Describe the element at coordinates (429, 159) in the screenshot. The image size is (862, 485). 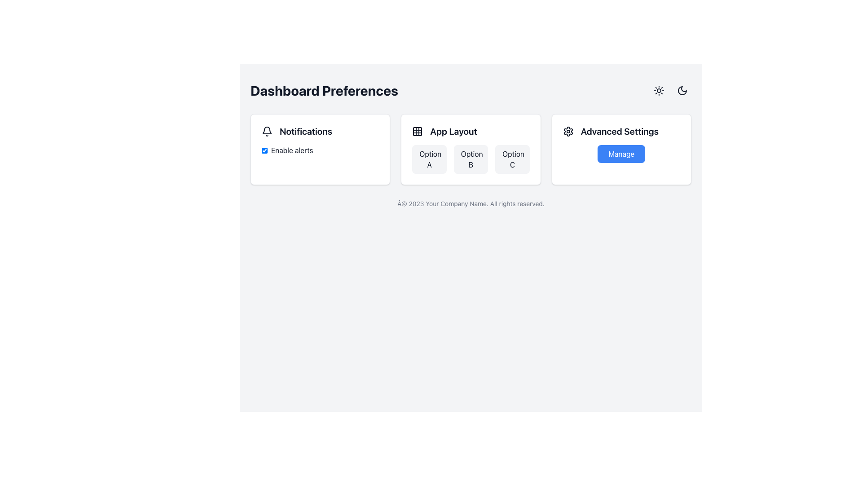
I see `the 'Option A' button, the first selectable option under the 'App Layout' heading` at that location.